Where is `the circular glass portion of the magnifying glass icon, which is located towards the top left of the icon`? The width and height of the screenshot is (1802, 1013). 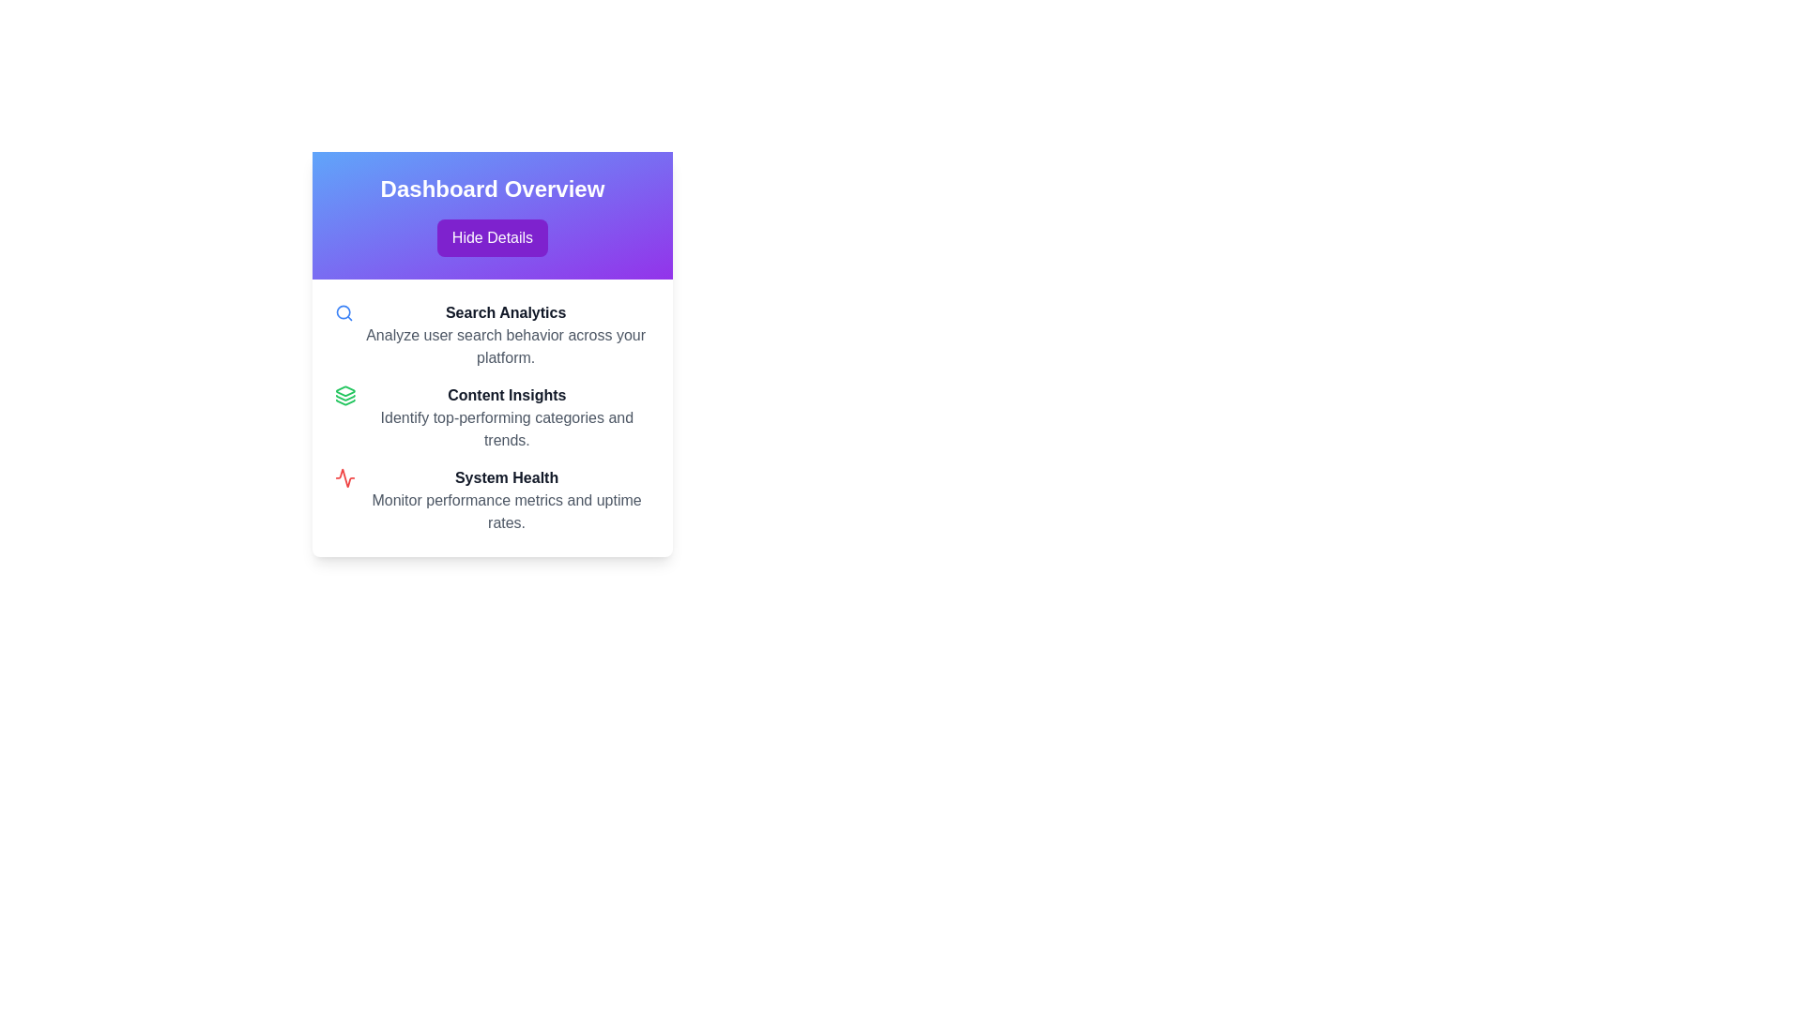 the circular glass portion of the magnifying glass icon, which is located towards the top left of the icon is located at coordinates (344, 311).